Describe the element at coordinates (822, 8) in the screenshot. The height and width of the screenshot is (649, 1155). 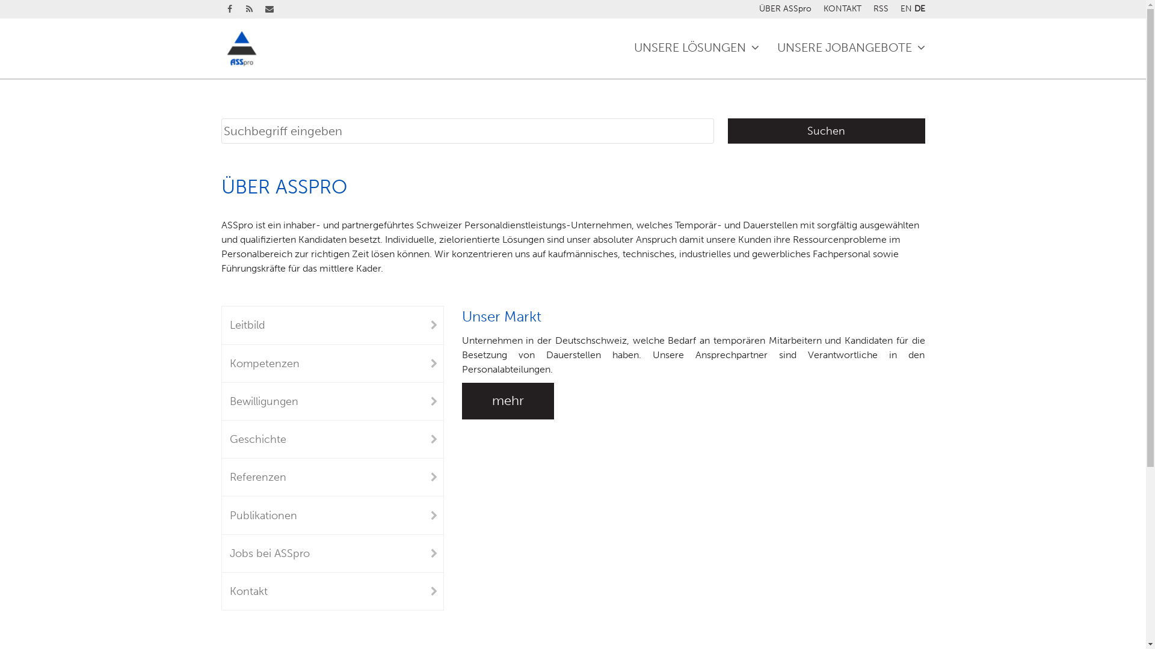
I see `'KONTAKT'` at that location.